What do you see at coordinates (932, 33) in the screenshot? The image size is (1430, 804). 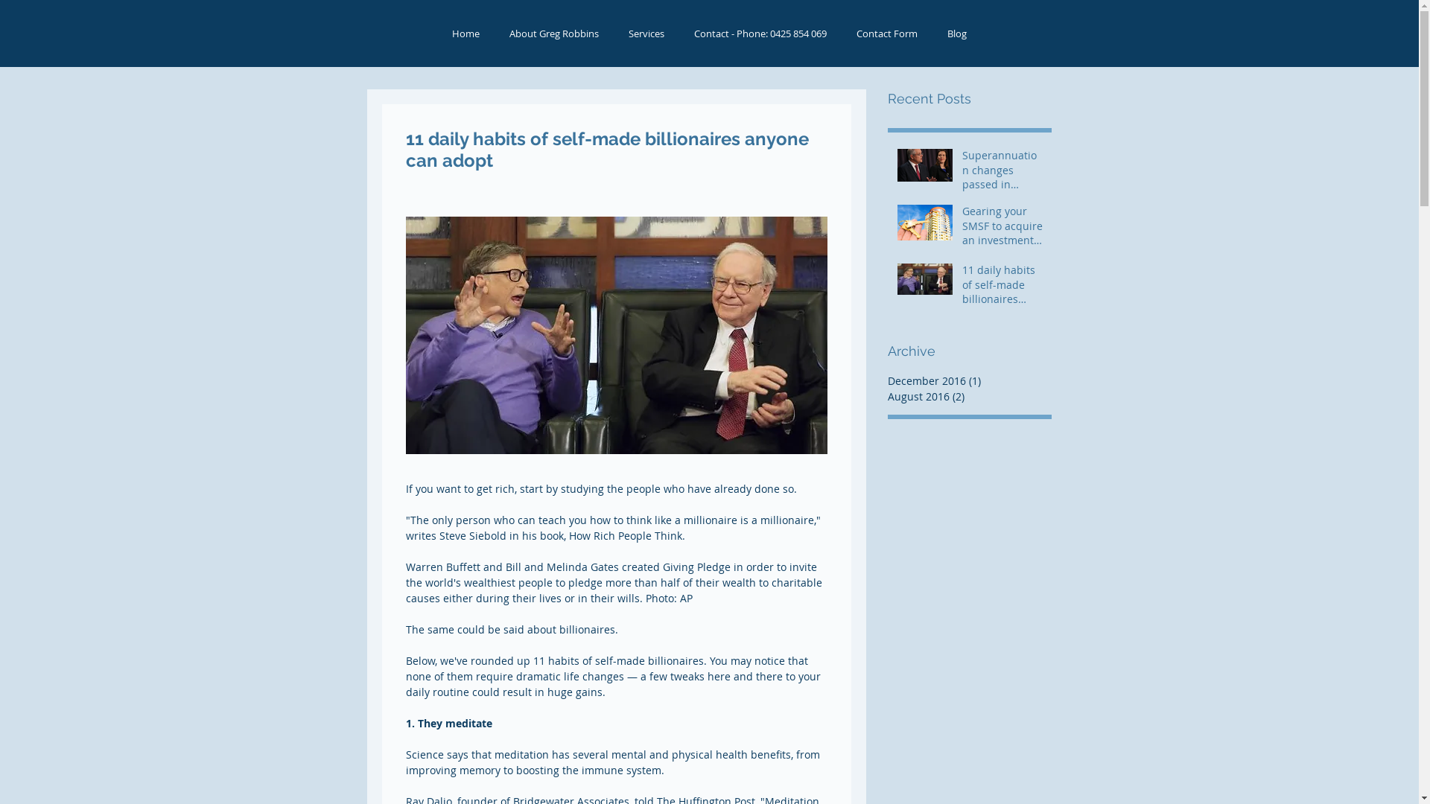 I see `'Blog'` at bounding box center [932, 33].